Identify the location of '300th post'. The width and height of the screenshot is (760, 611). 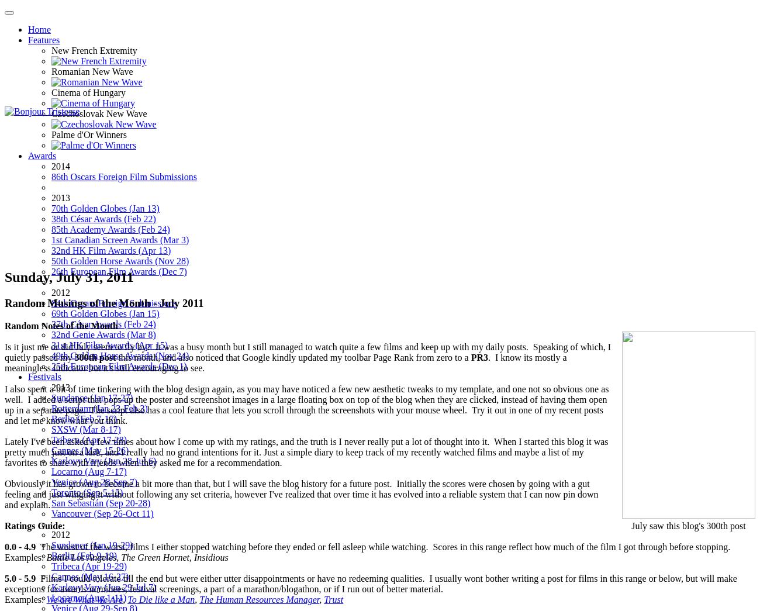
(74, 356).